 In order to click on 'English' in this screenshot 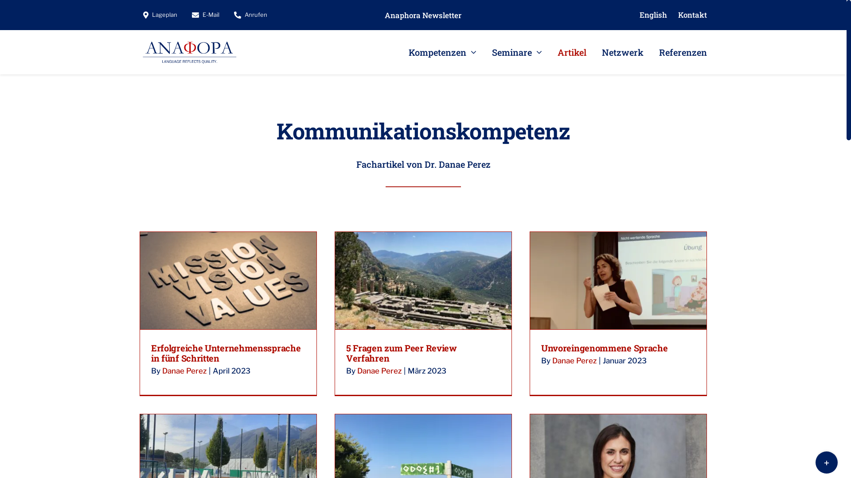, I will do `click(640, 15)`.